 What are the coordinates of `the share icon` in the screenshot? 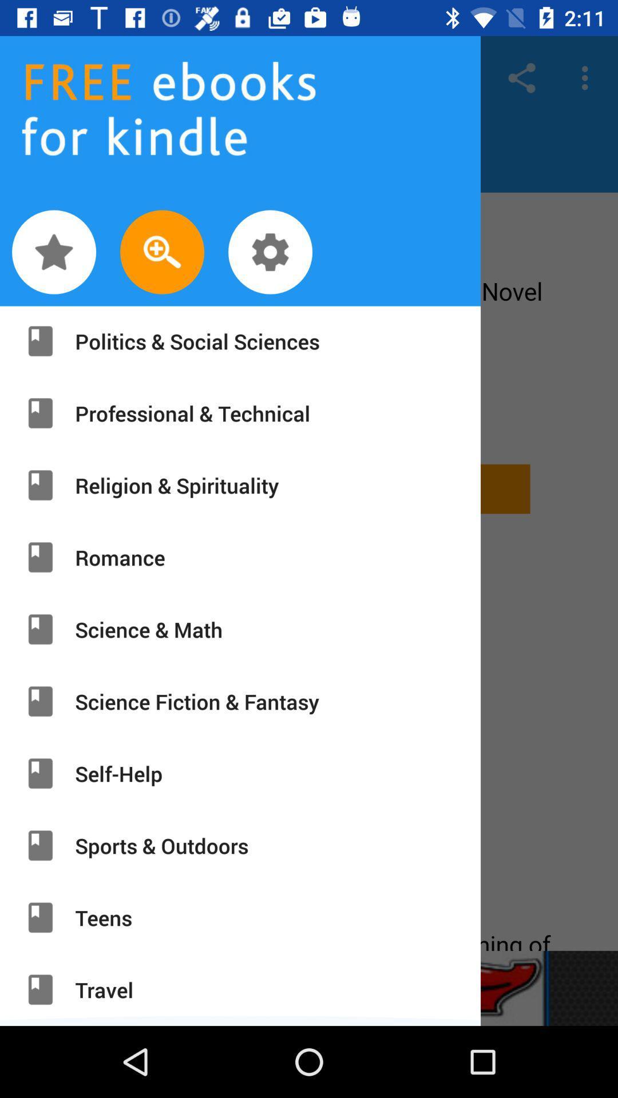 It's located at (521, 77).